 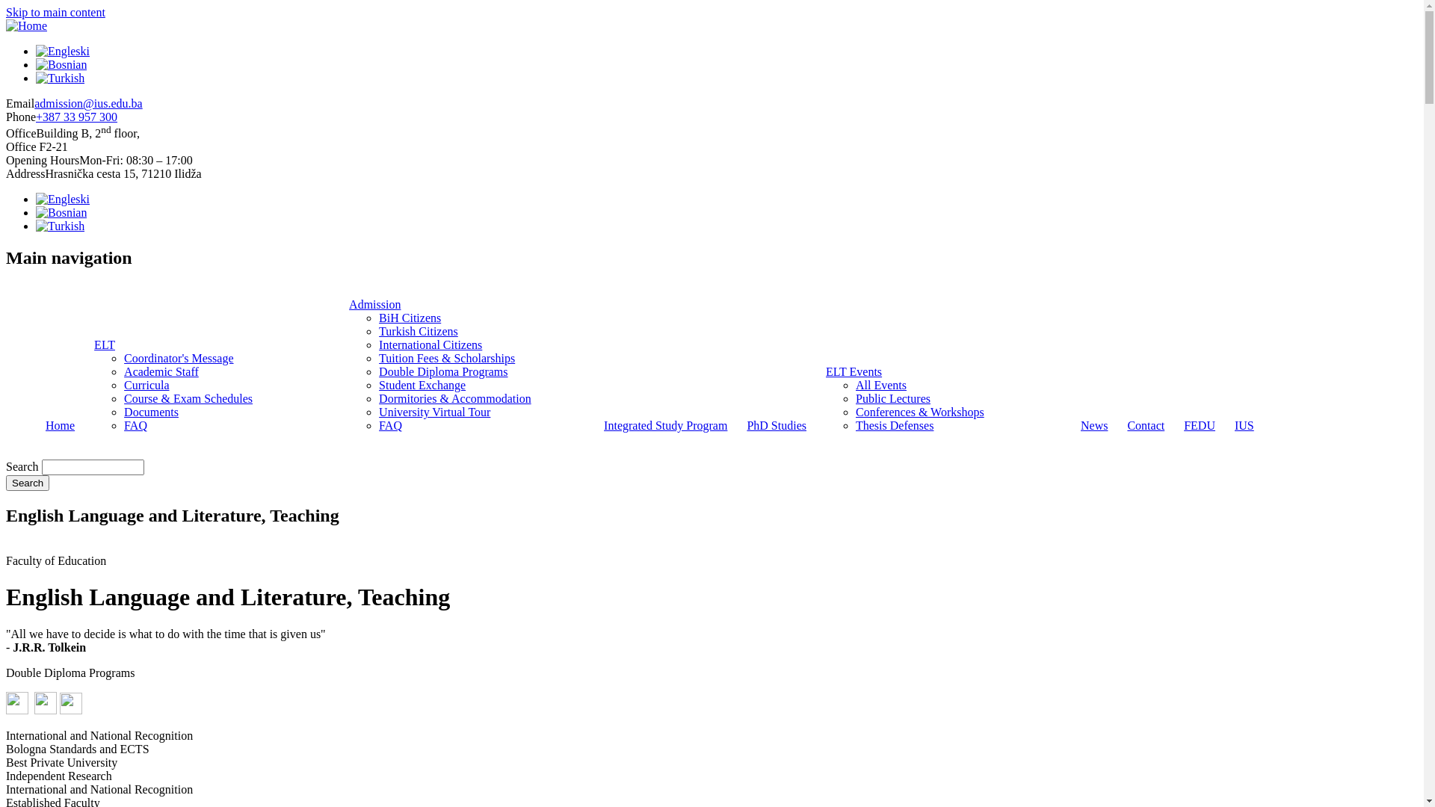 I want to click on 'PhD Studies', so click(x=776, y=425).